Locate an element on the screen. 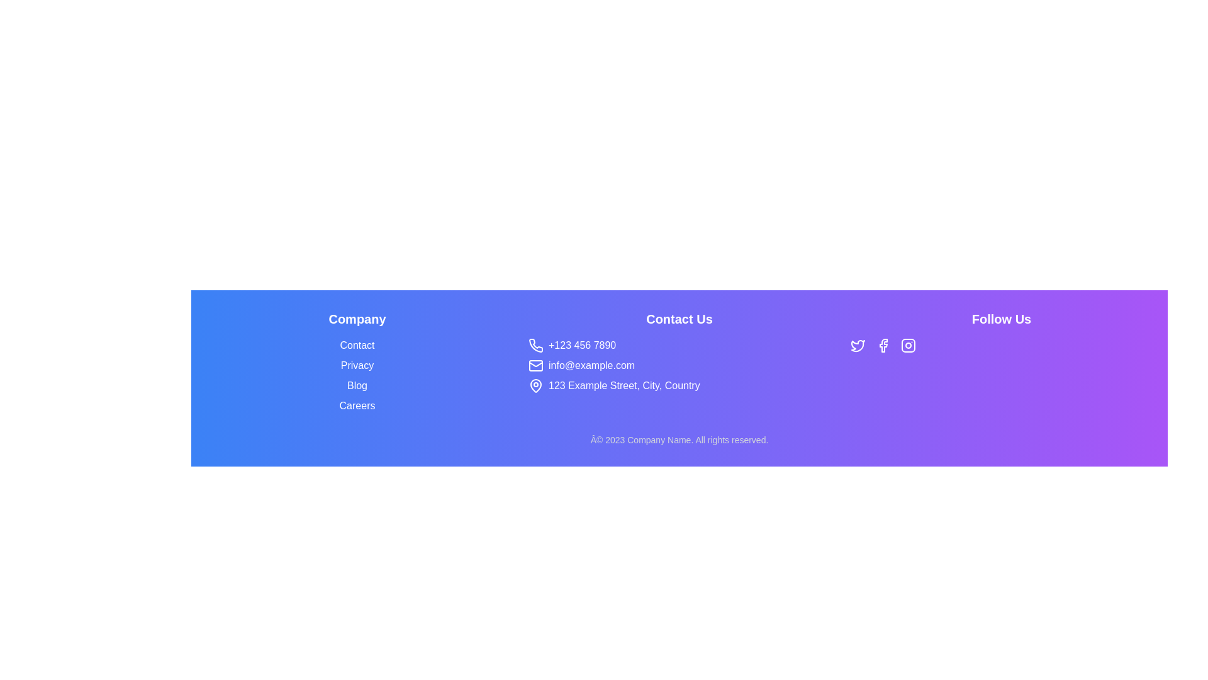  the SVG graphical shape representing the body of the mail envelope in the 'Contact Us' section of the footer is located at coordinates (535, 366).